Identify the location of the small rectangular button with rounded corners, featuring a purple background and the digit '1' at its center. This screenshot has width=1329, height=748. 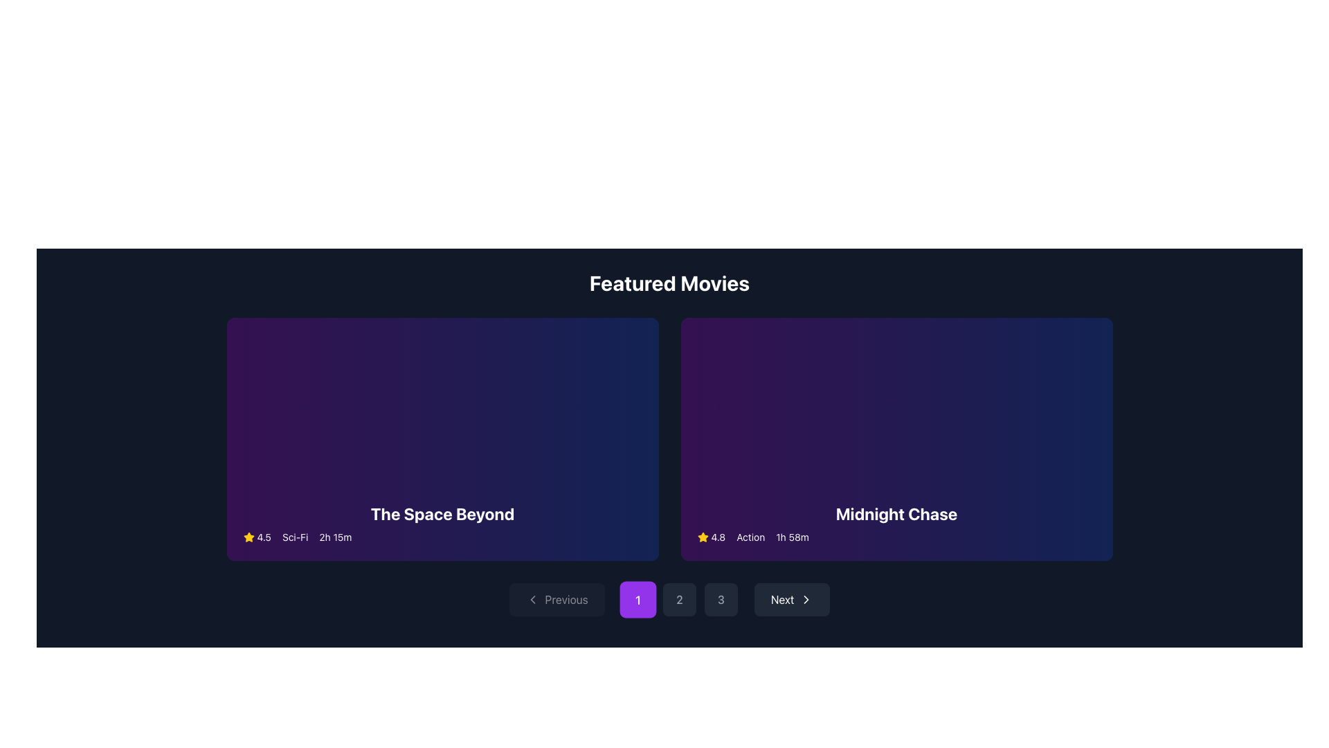
(637, 599).